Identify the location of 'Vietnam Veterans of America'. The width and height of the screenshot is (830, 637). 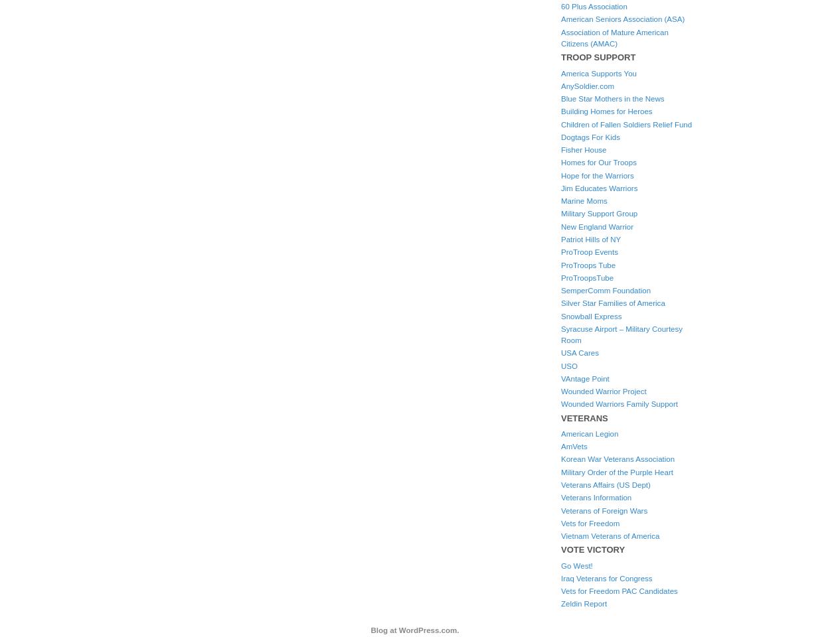
(560, 536).